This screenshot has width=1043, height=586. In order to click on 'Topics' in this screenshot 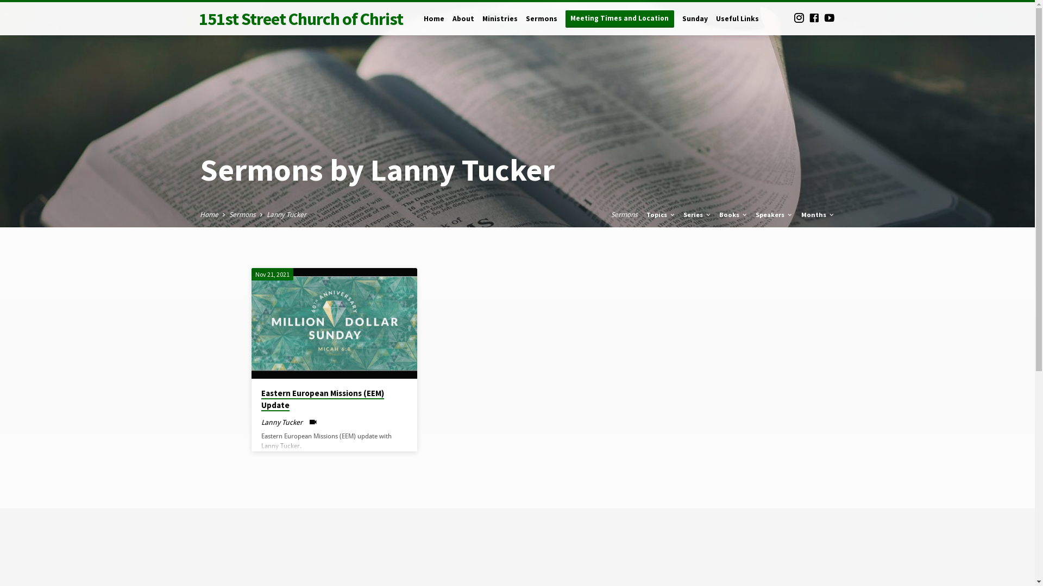, I will do `click(661, 214)`.